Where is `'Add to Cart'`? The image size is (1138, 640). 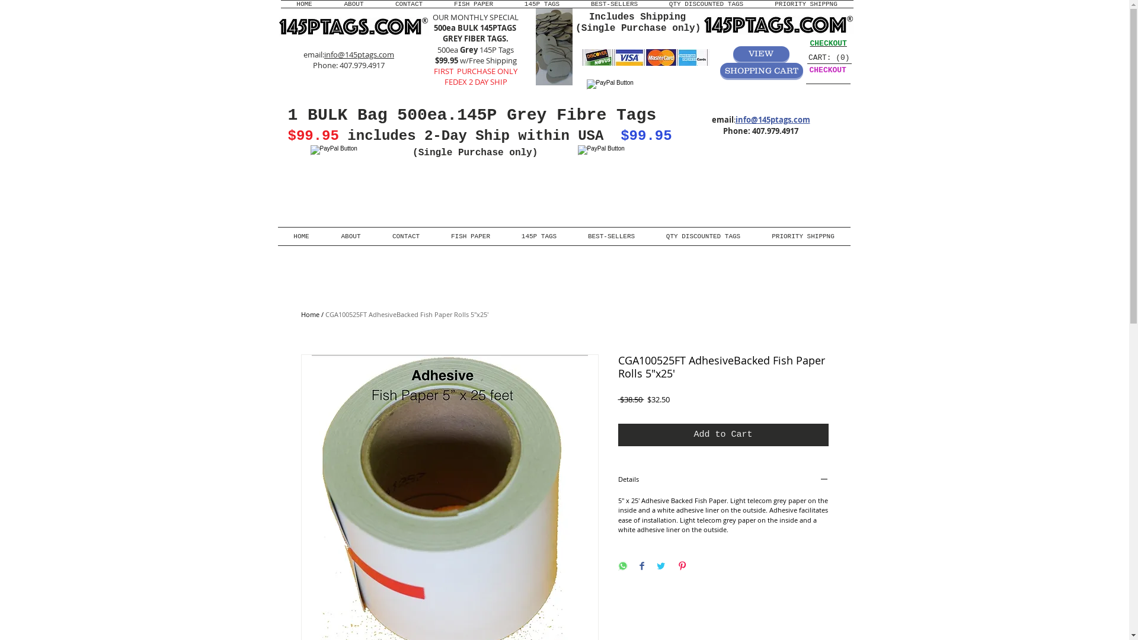
'Add to Cart' is located at coordinates (722, 435).